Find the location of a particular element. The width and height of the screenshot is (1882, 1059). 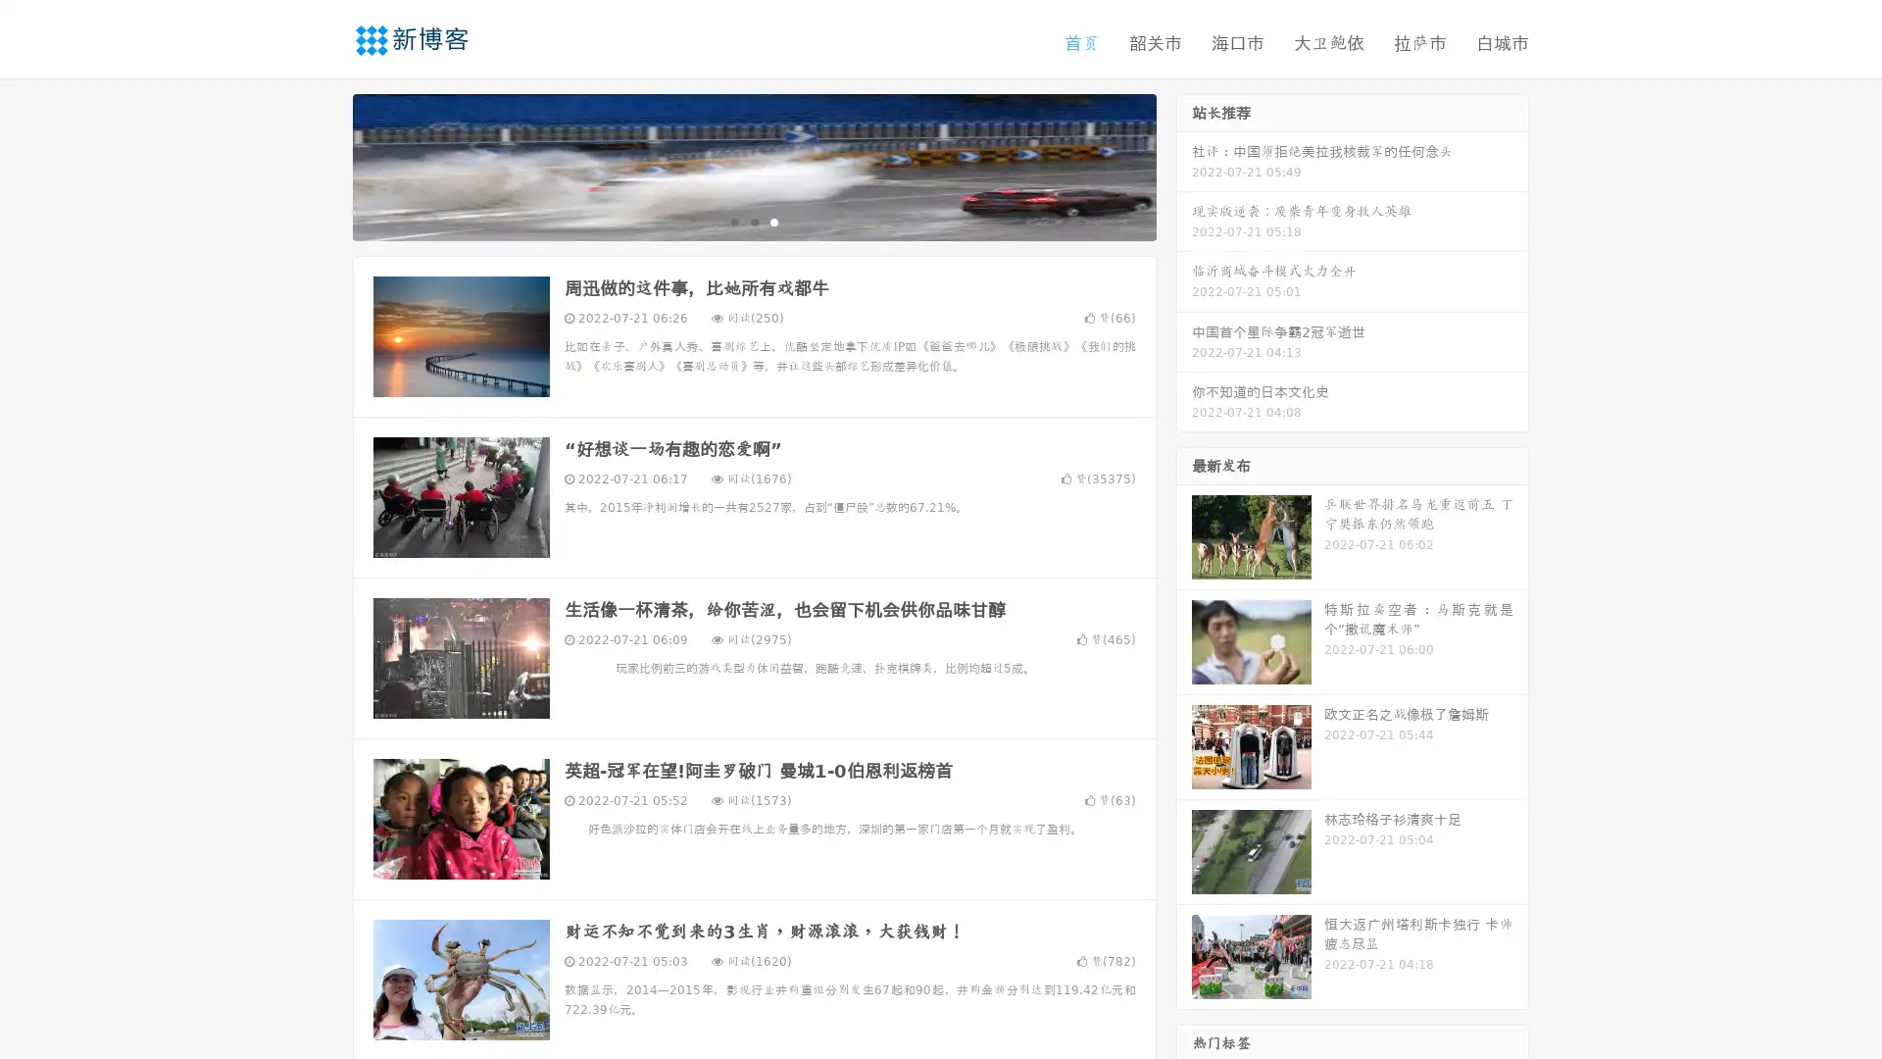

Next slide is located at coordinates (1184, 165).